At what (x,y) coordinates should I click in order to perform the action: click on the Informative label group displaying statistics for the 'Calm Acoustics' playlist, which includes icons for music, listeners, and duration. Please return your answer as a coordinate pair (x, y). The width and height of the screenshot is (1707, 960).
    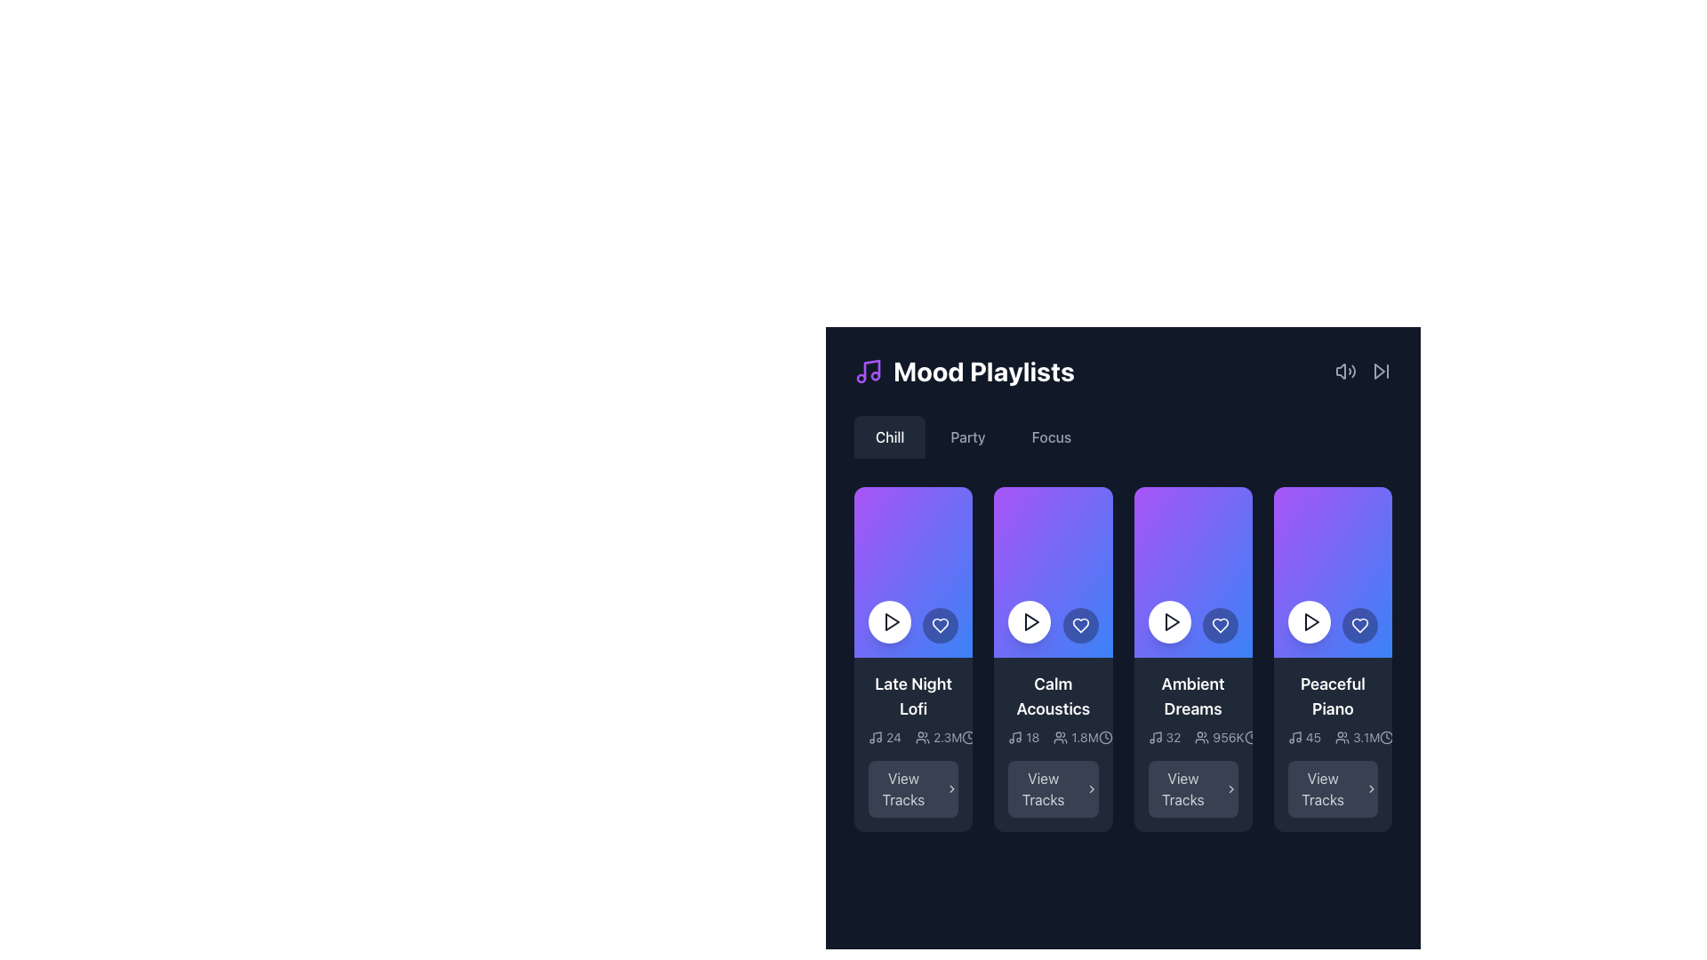
    Looking at the image, I should click on (1053, 744).